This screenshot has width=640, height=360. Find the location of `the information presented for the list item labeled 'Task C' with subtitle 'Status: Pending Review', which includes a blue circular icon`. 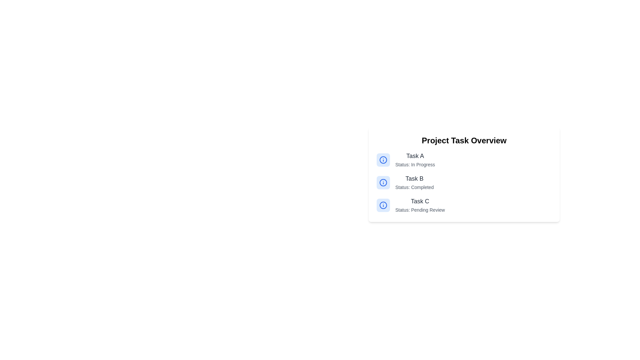

the information presented for the list item labeled 'Task C' with subtitle 'Status: Pending Review', which includes a blue circular icon is located at coordinates (464, 205).